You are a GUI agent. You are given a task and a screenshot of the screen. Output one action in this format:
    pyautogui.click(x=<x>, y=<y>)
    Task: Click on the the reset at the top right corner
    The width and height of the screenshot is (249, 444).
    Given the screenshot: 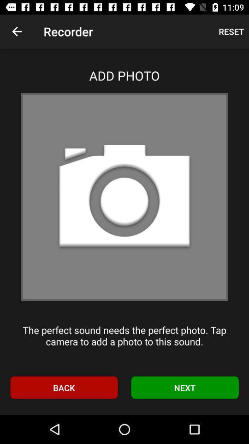 What is the action you would take?
    pyautogui.click(x=231, y=31)
    